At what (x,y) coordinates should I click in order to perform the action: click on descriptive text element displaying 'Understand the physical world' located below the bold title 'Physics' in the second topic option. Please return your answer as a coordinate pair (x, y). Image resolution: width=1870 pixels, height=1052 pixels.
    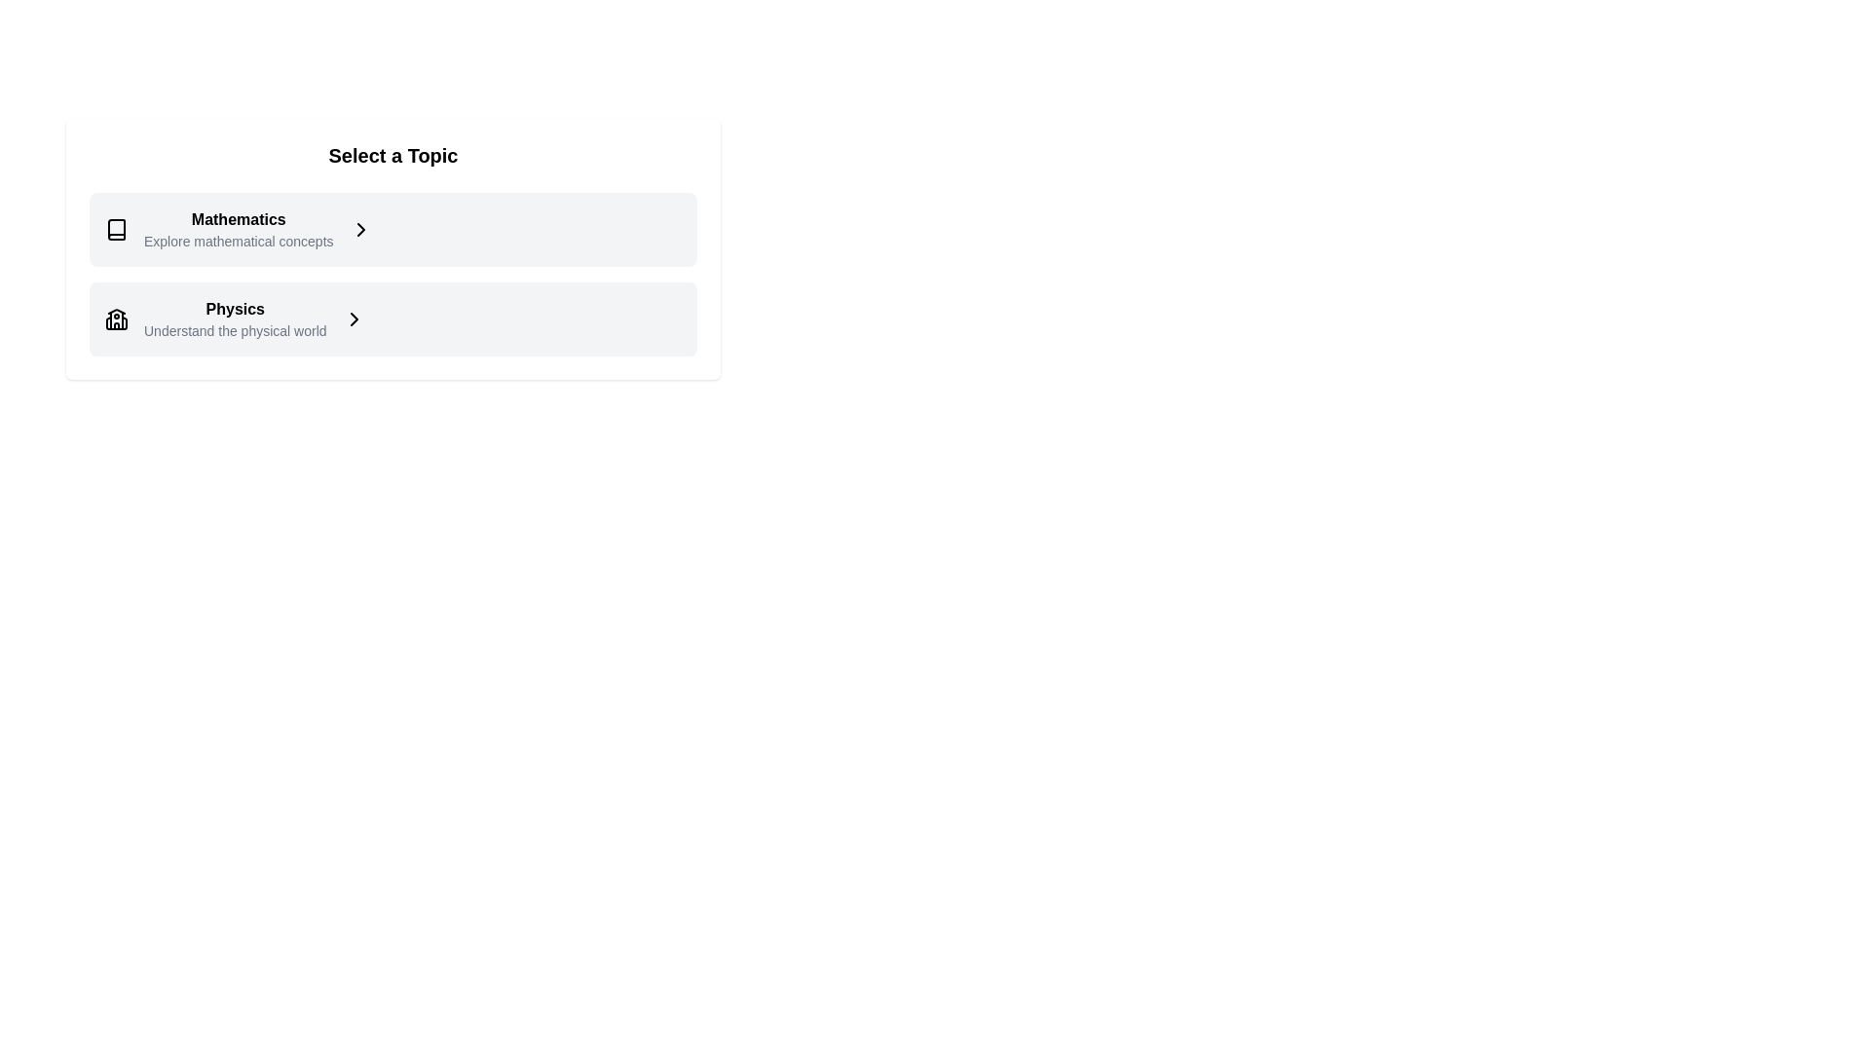
    Looking at the image, I should click on (234, 329).